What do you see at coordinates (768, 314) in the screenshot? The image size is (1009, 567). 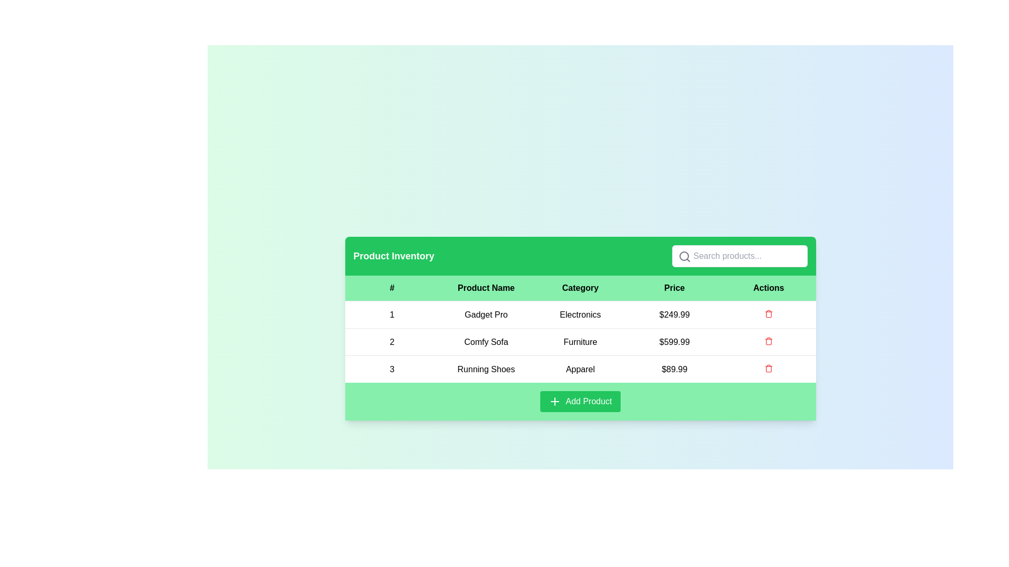 I see `the delete icon button in the 'Actions' column of the first row, aligned with the product 'Gadget Pro'` at bounding box center [768, 314].